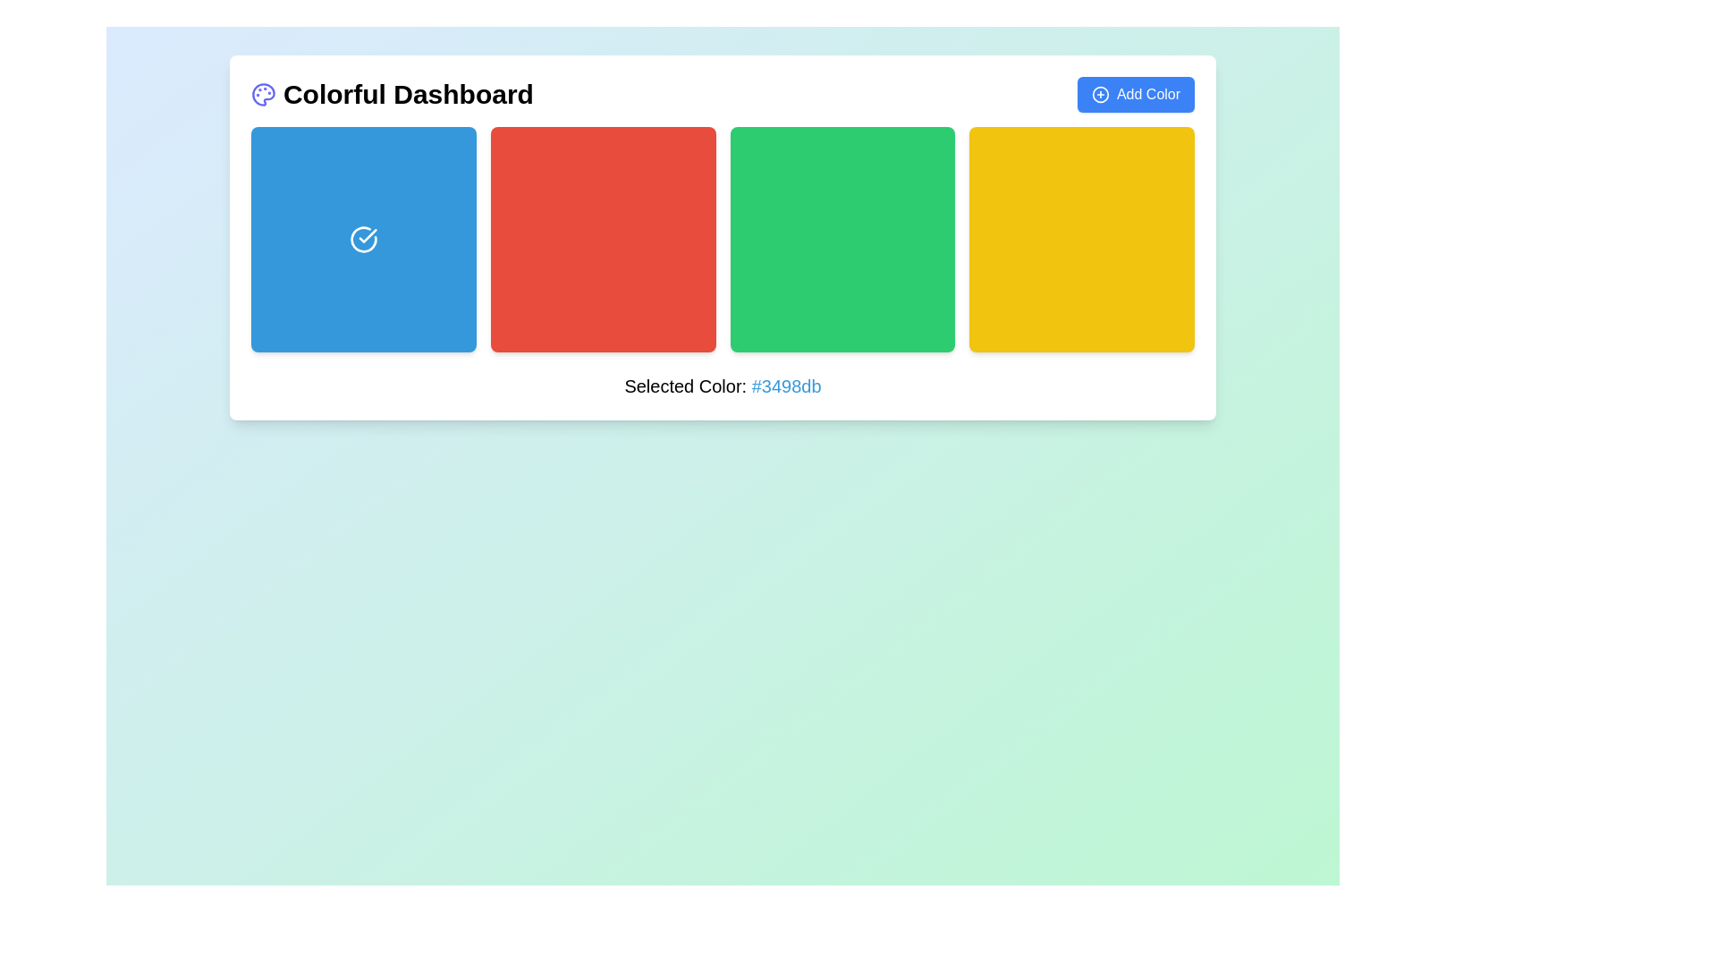  I want to click on the circular SVG element that is part of the 'Add Color' button located at the top-right corner of the dashboard, so click(1099, 94).